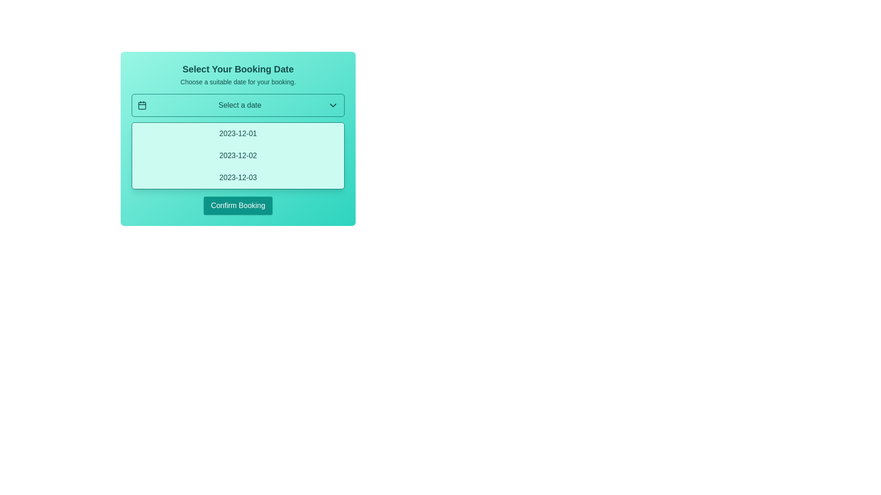 The height and width of the screenshot is (495, 881). I want to click on the header text that reads 'Select Your Booking Date', which is bold and large-font, positioned at the top of the booking interface panel, so click(238, 68).